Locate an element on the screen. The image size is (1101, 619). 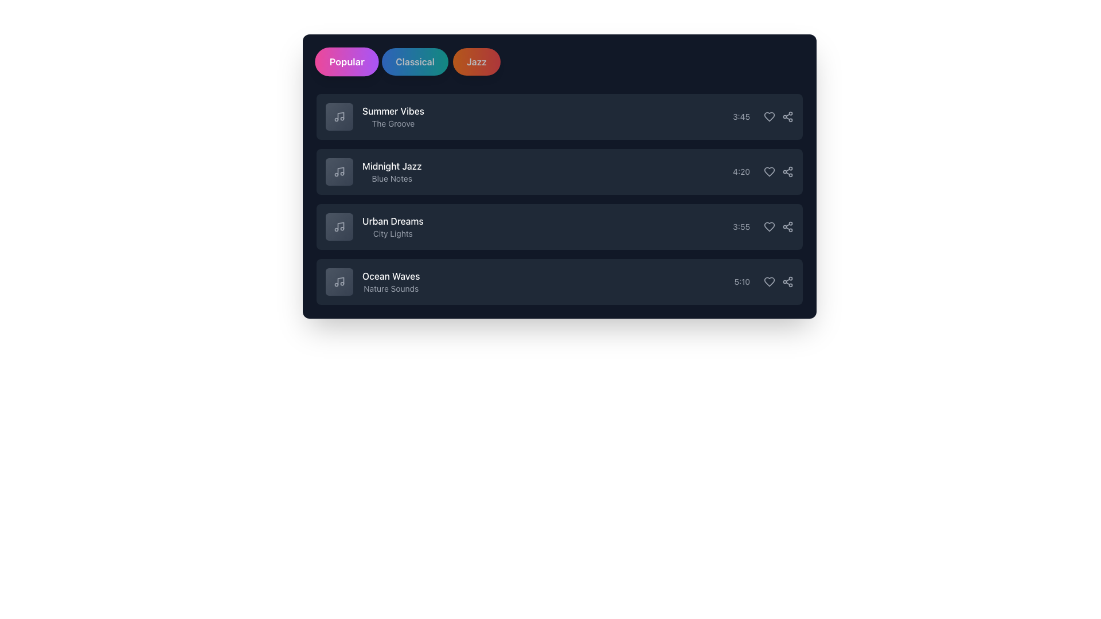
the descriptive subtitle text label located directly beneath the 'Ocean Waves' title in the audio tracks list is located at coordinates (391, 288).